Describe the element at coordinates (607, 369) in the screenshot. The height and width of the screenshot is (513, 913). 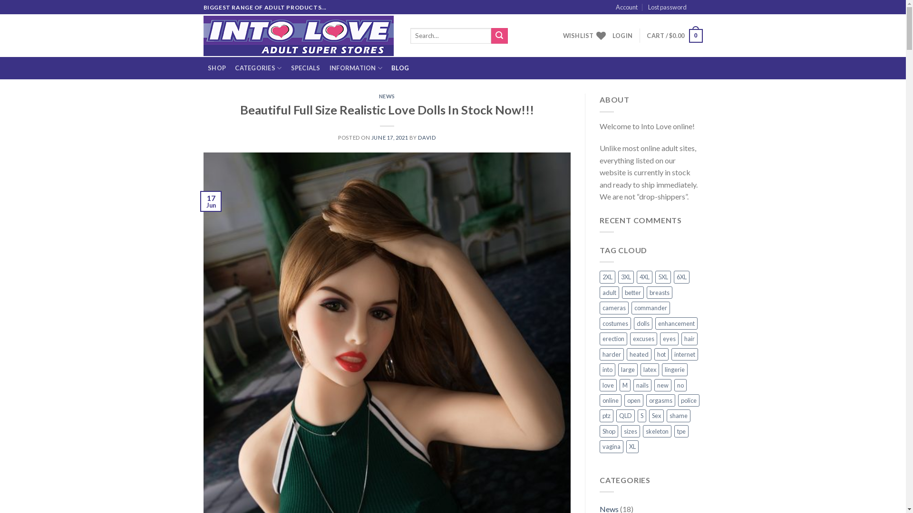
I see `'into'` at that location.